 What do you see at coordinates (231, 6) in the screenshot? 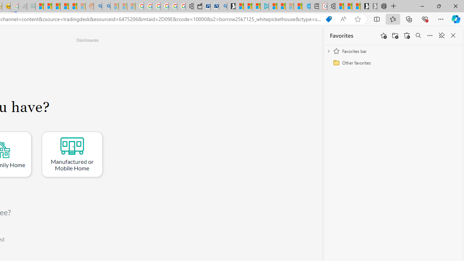
I see `'Microsoft Start Gaming'` at bounding box center [231, 6].